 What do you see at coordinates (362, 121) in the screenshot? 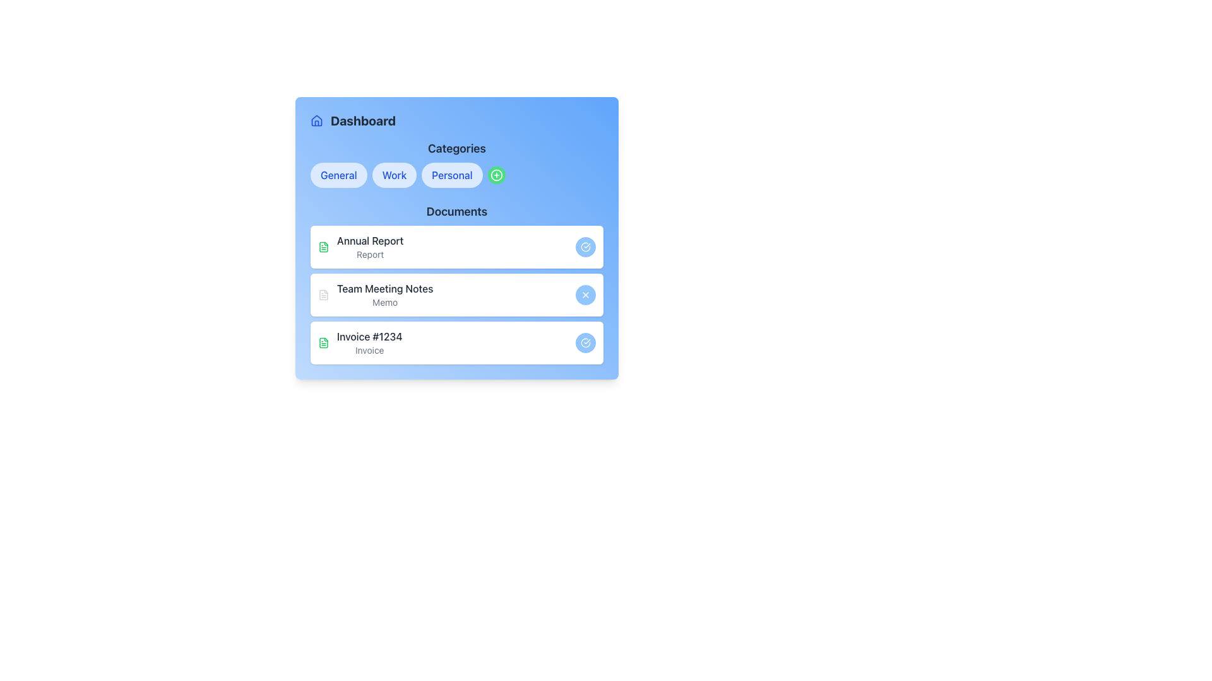
I see `the bold text label 'Dashboard' located next to the house-shaped icon on the top-left of the interface` at bounding box center [362, 121].